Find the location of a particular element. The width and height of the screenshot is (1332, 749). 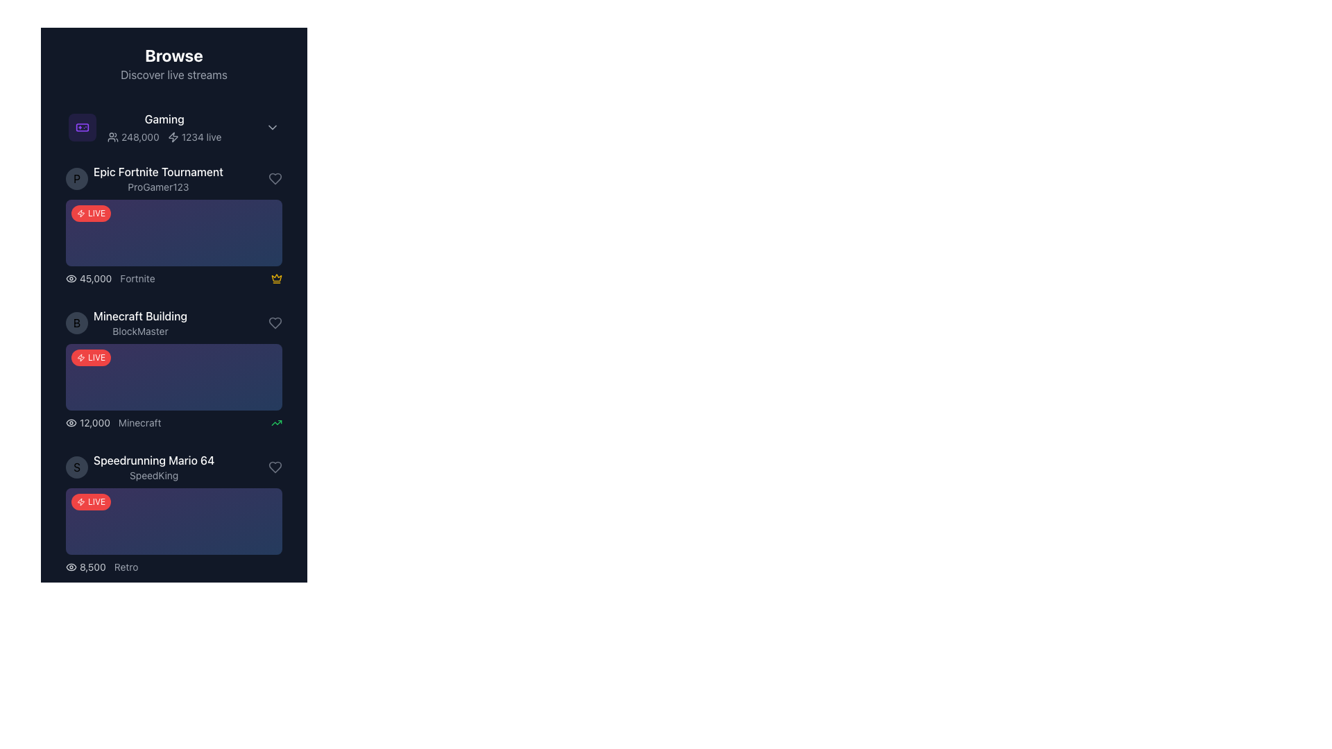

the 'Gaming' category icon located at the top-left of the section is located at coordinates (82, 128).